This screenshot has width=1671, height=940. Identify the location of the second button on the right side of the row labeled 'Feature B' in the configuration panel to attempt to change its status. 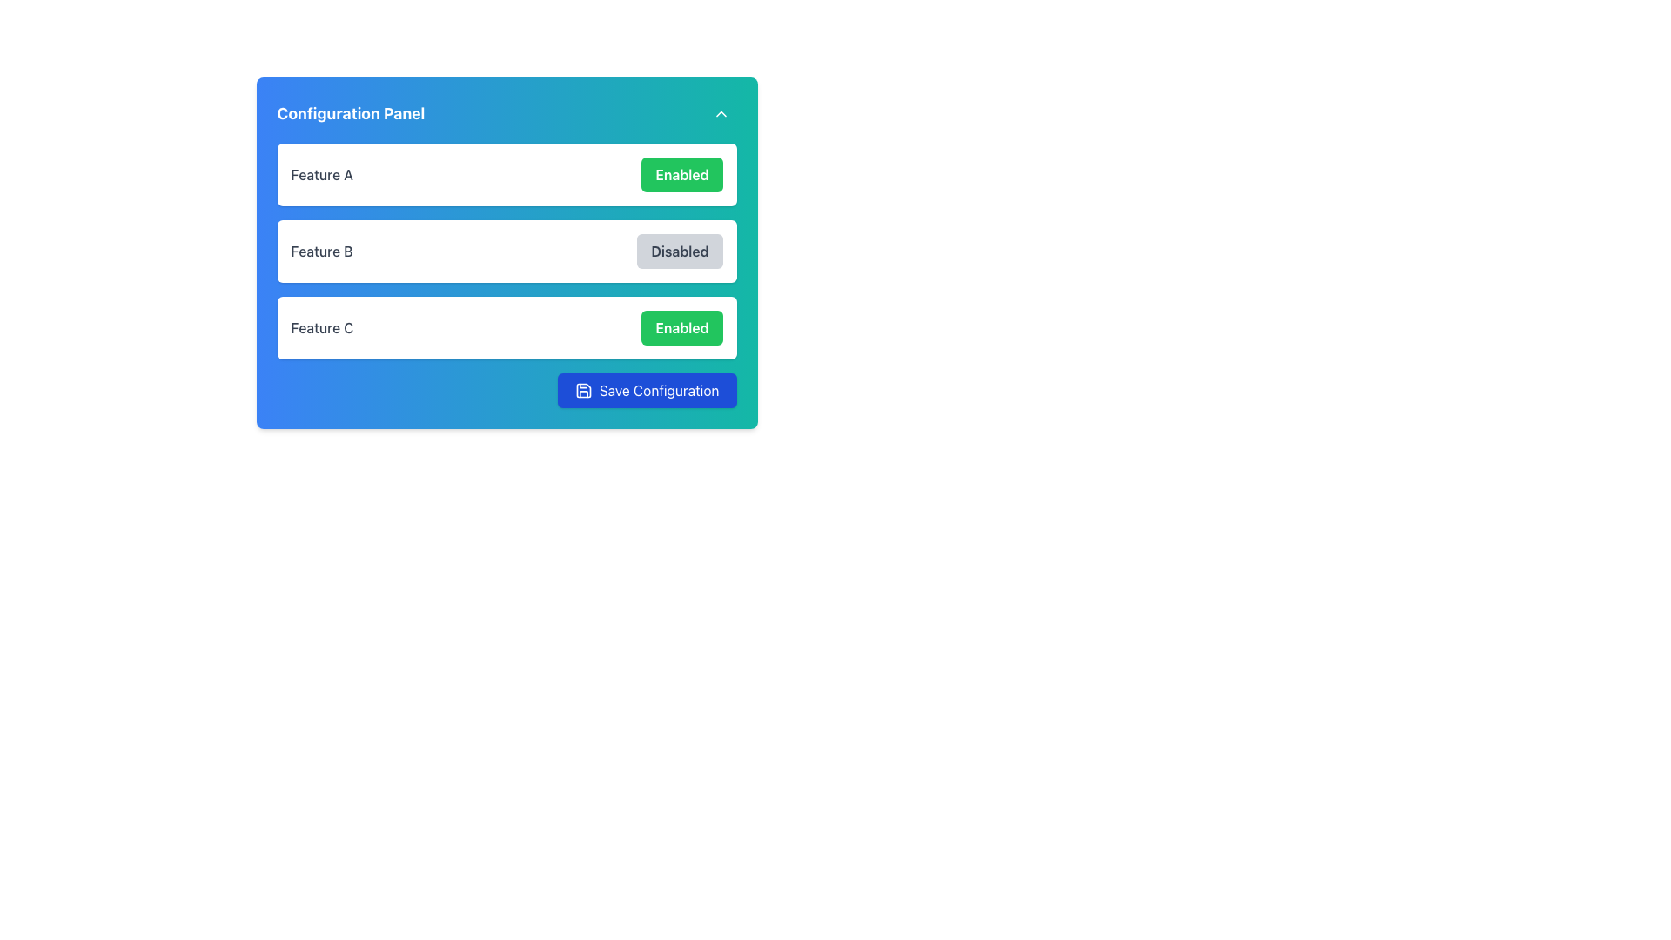
(679, 252).